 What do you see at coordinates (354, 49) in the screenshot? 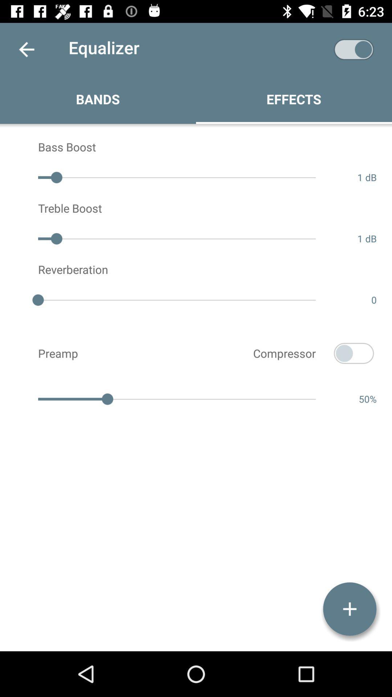
I see `app next to the effects` at bounding box center [354, 49].